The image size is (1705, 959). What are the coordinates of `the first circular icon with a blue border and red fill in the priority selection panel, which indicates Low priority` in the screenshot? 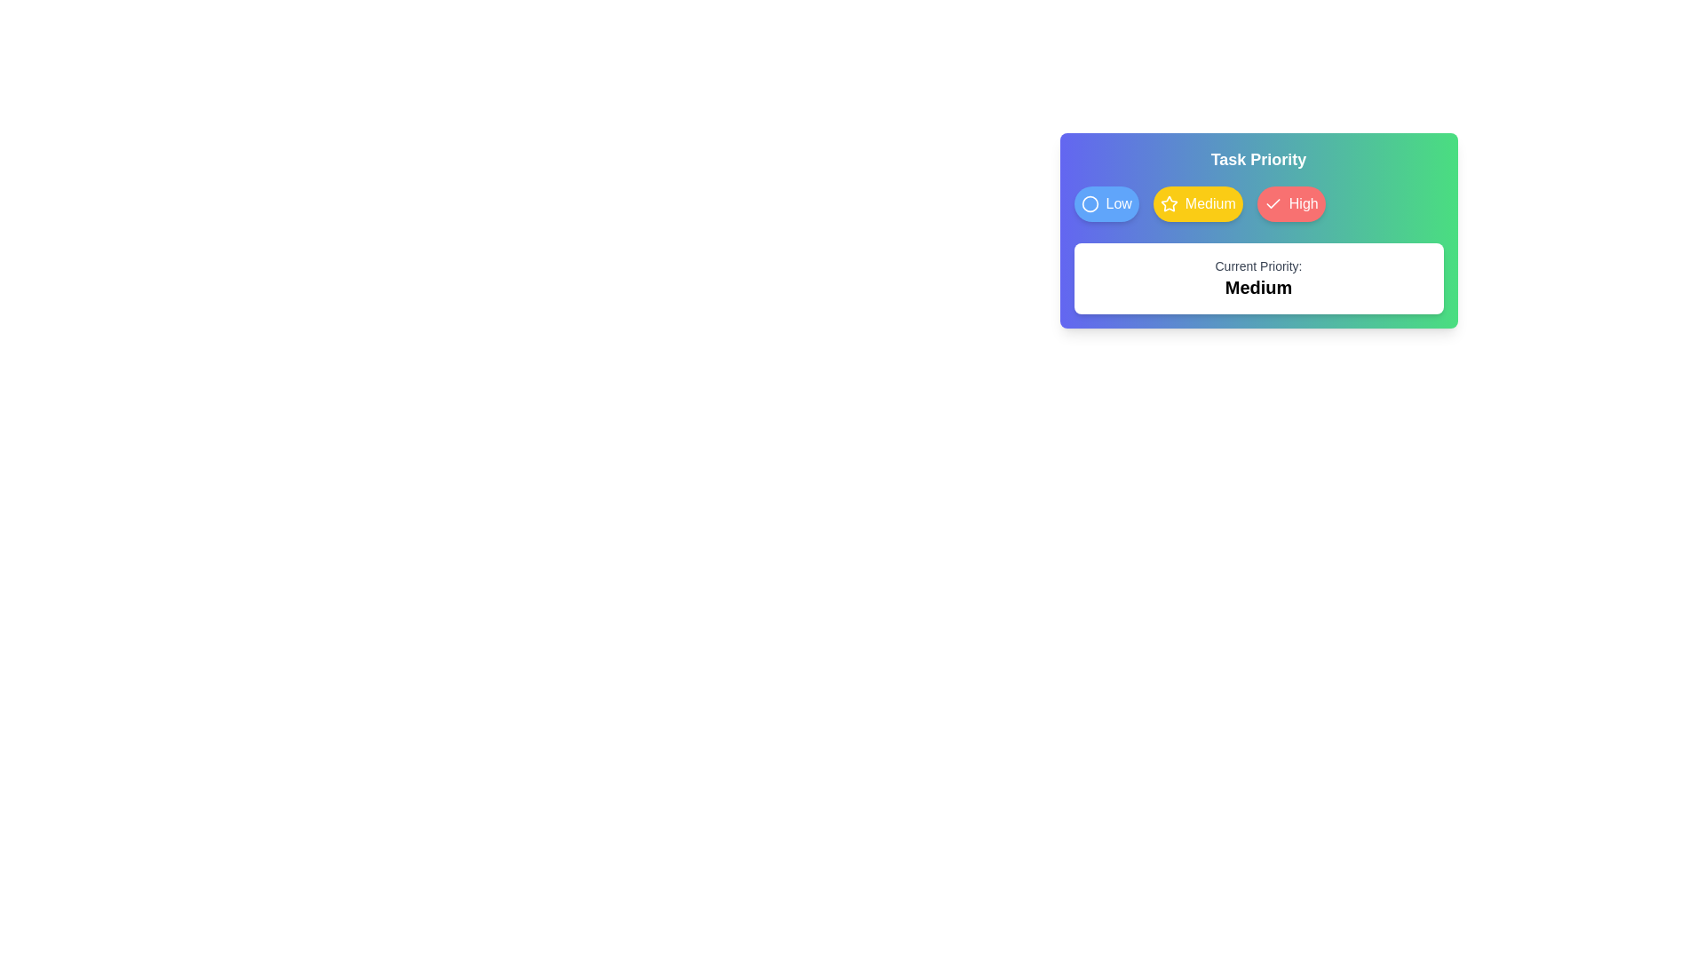 It's located at (1089, 203).